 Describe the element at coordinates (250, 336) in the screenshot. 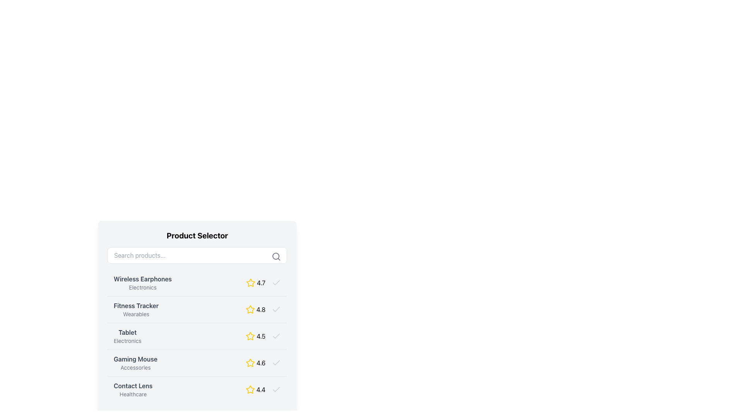

I see `the star-shaped yellow icon next to the numerical rating value of '4.5' in the third row of the product list for the 'Tablet' entry` at that location.